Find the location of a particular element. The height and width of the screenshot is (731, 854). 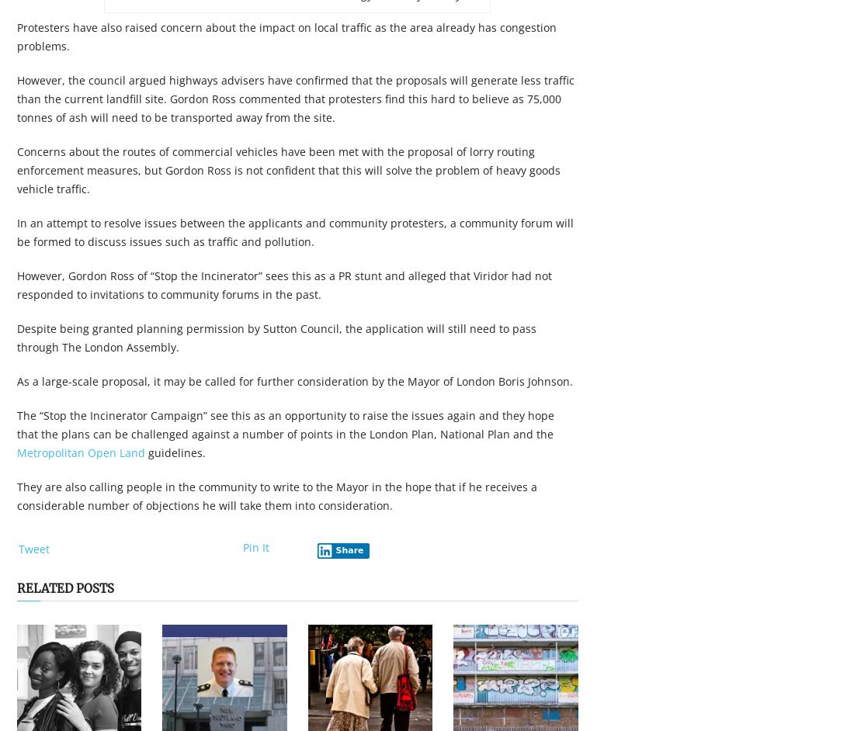

'guidelines.' is located at coordinates (175, 452).